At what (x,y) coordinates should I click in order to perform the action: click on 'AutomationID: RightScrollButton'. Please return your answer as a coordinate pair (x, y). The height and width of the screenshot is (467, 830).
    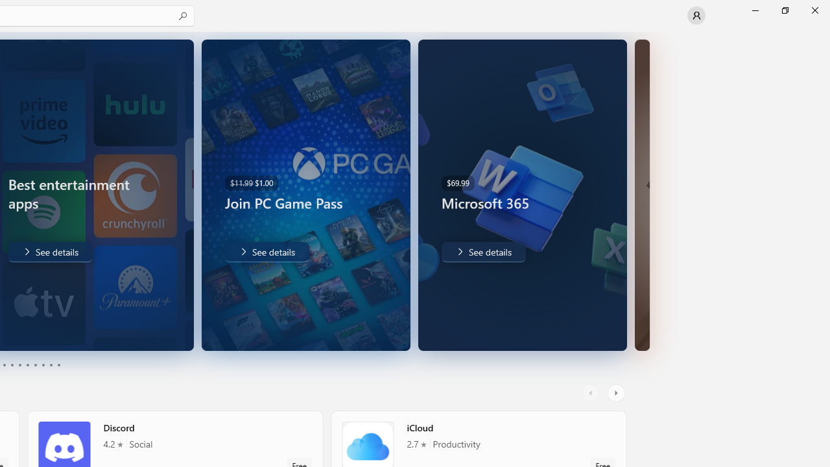
    Looking at the image, I should click on (617, 392).